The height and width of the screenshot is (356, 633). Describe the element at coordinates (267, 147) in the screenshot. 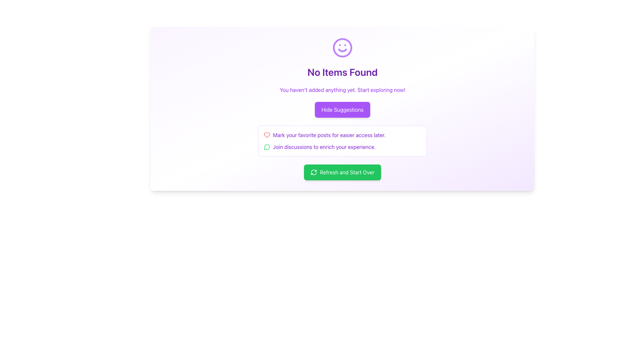

I see `the circular speech bubble icon with a green outline located near the bottom-center of the interface, next to the text 'Join discussions to enrich your experience.'` at that location.